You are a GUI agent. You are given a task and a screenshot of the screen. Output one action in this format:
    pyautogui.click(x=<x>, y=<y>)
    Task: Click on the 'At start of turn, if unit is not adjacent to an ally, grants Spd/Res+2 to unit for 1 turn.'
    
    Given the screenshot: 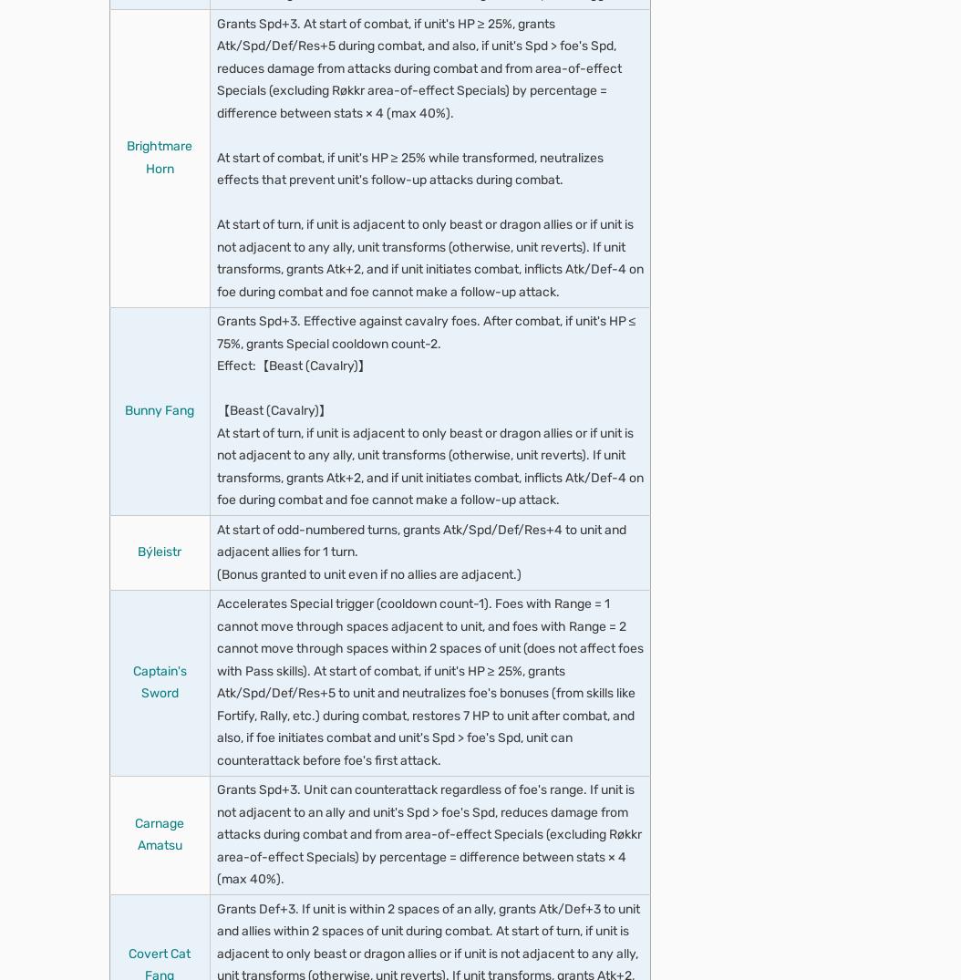 What is the action you would take?
    pyautogui.click(x=431, y=189)
    